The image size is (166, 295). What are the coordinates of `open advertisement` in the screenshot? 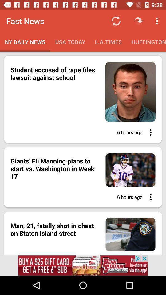 It's located at (83, 265).